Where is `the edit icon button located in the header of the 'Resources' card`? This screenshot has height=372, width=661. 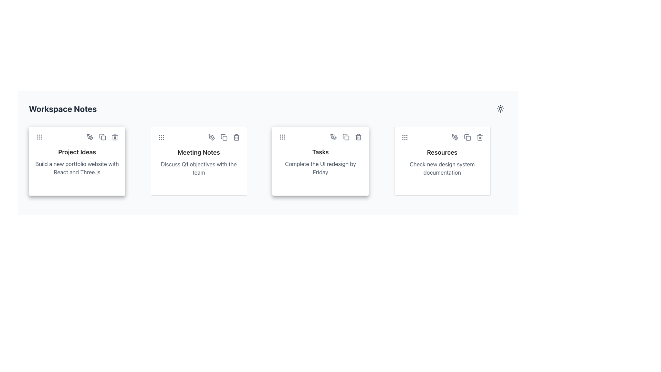 the edit icon button located in the header of the 'Resources' card is located at coordinates (455, 137).